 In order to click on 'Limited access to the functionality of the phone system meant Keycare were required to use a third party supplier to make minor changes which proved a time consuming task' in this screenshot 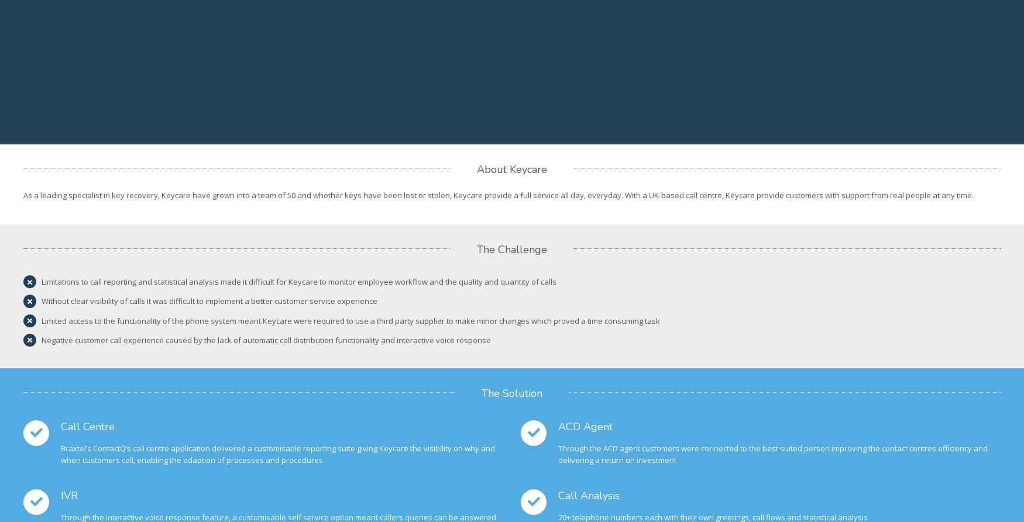, I will do `click(42, 320)`.